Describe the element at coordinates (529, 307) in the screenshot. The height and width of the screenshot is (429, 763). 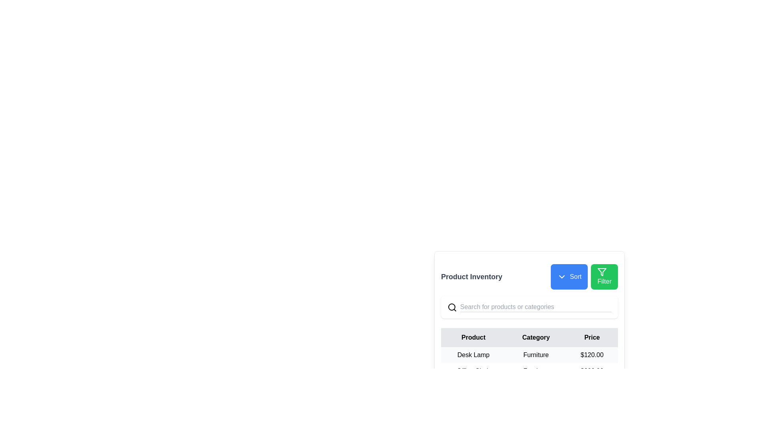
I see `the magnifying glass icon located within the search bar for additional functionality` at that location.